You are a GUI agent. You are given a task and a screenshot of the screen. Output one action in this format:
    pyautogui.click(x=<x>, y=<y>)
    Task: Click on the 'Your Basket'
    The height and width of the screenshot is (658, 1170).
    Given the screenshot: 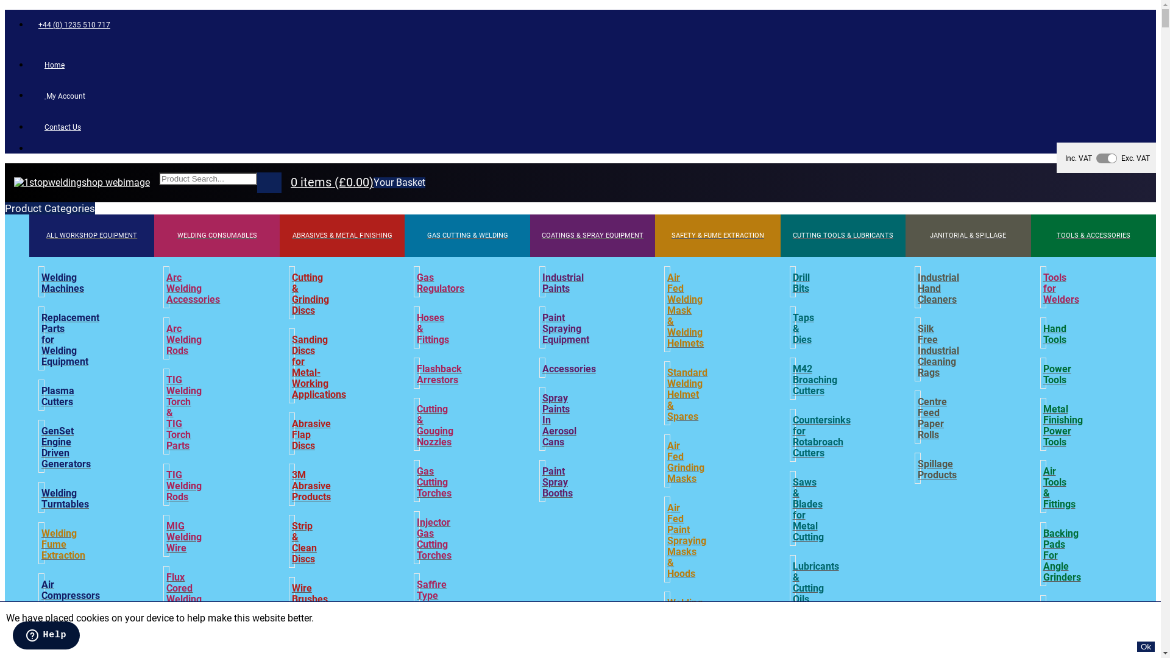 What is the action you would take?
    pyautogui.click(x=399, y=183)
    